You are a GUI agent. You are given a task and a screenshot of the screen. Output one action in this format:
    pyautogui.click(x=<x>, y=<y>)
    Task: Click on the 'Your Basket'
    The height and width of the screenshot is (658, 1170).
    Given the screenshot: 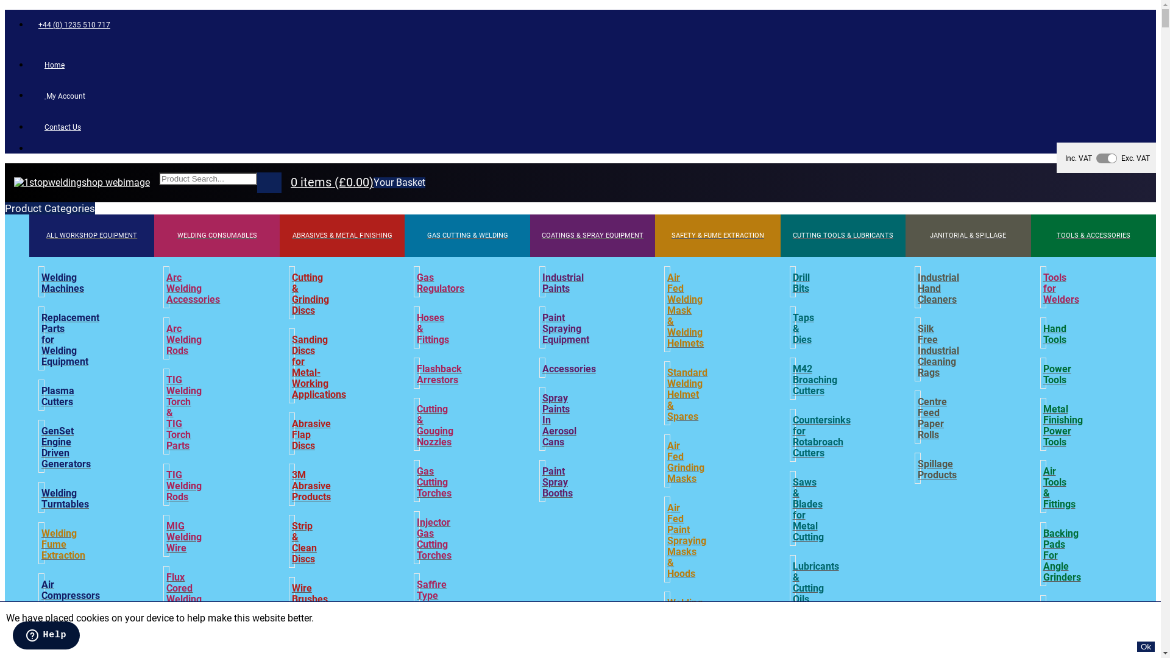 What is the action you would take?
    pyautogui.click(x=399, y=183)
    